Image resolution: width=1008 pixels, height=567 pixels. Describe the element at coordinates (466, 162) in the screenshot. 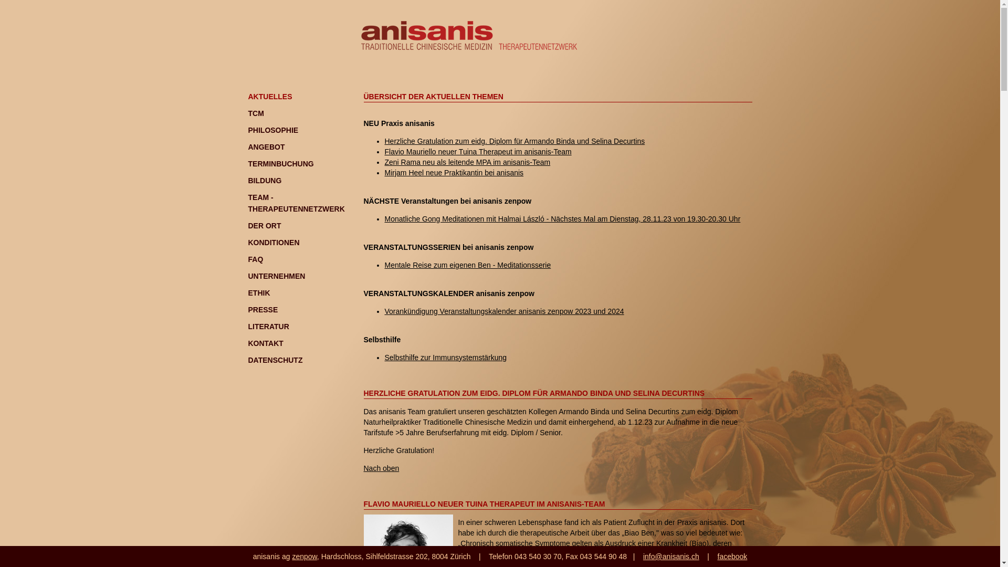

I see `'Zeni Rama neu als leitende MPA im anisanis-Team'` at that location.